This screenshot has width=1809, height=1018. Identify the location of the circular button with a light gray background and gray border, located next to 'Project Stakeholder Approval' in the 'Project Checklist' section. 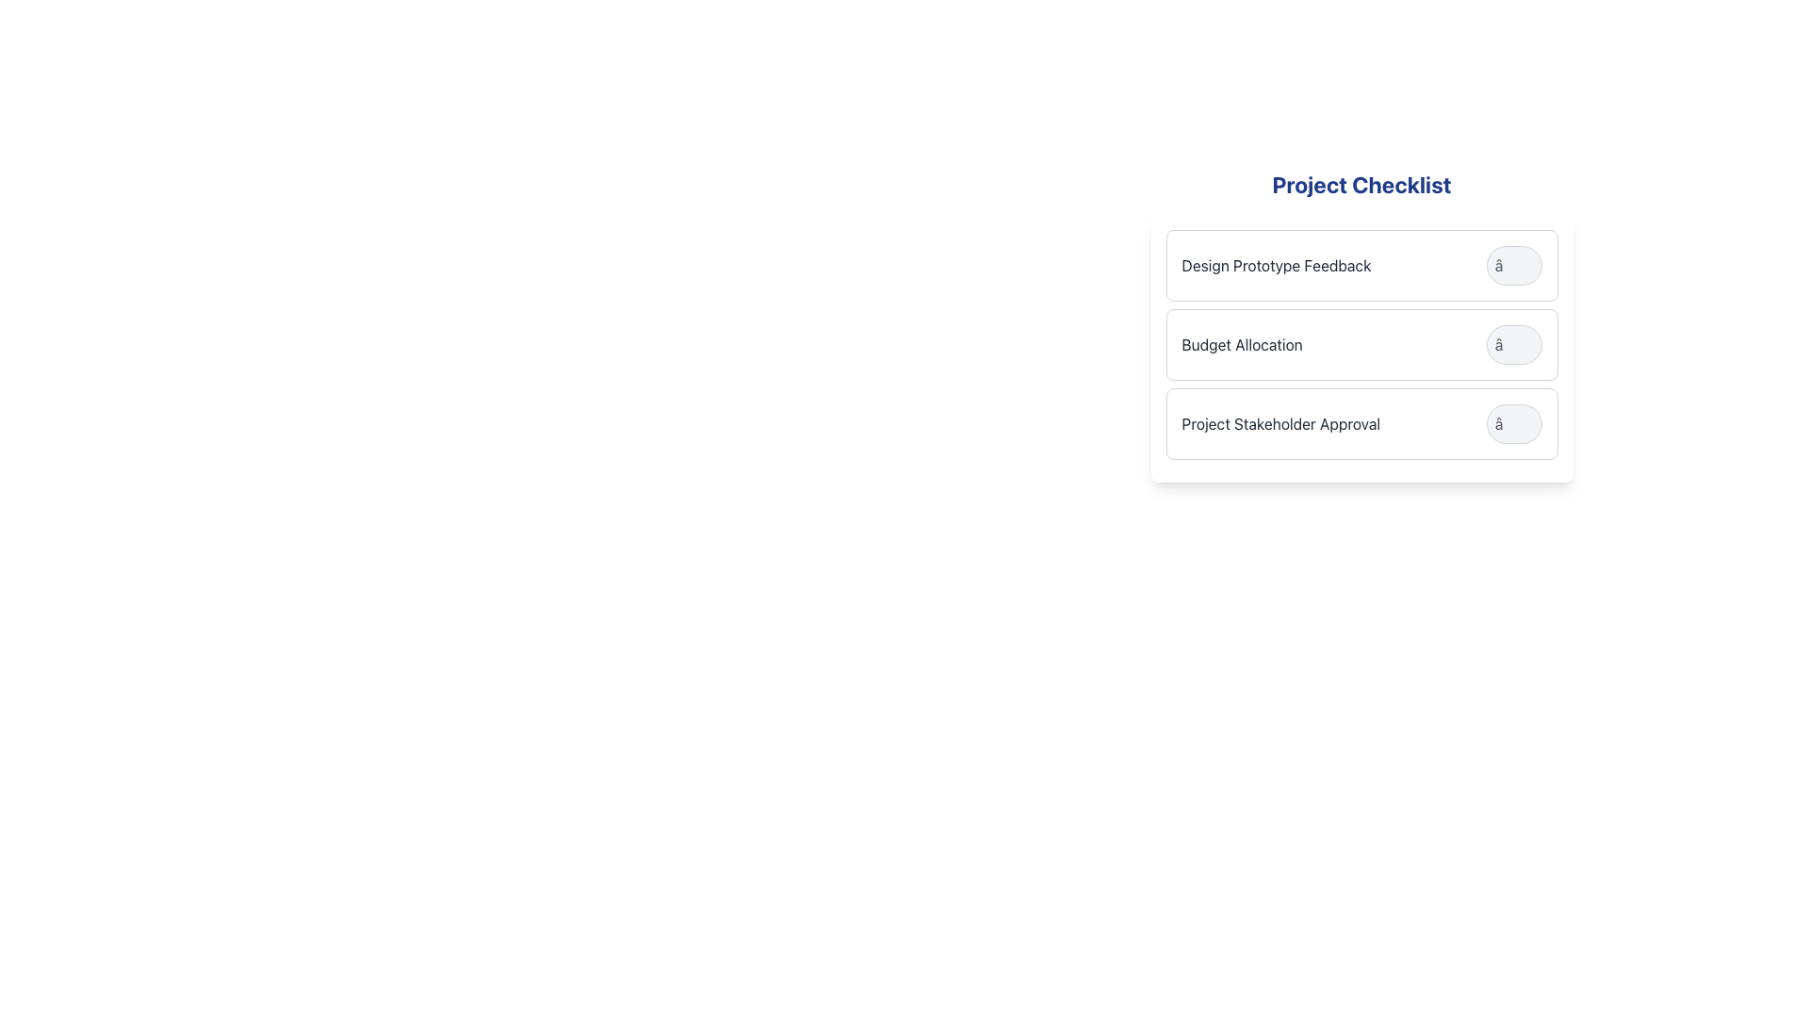
(1514, 424).